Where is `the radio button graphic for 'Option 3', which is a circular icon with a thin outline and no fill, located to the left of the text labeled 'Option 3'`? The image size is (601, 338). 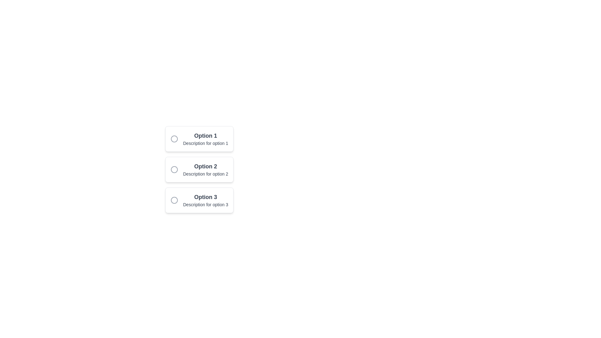 the radio button graphic for 'Option 3', which is a circular icon with a thin outline and no fill, located to the left of the text labeled 'Option 3' is located at coordinates (174, 200).